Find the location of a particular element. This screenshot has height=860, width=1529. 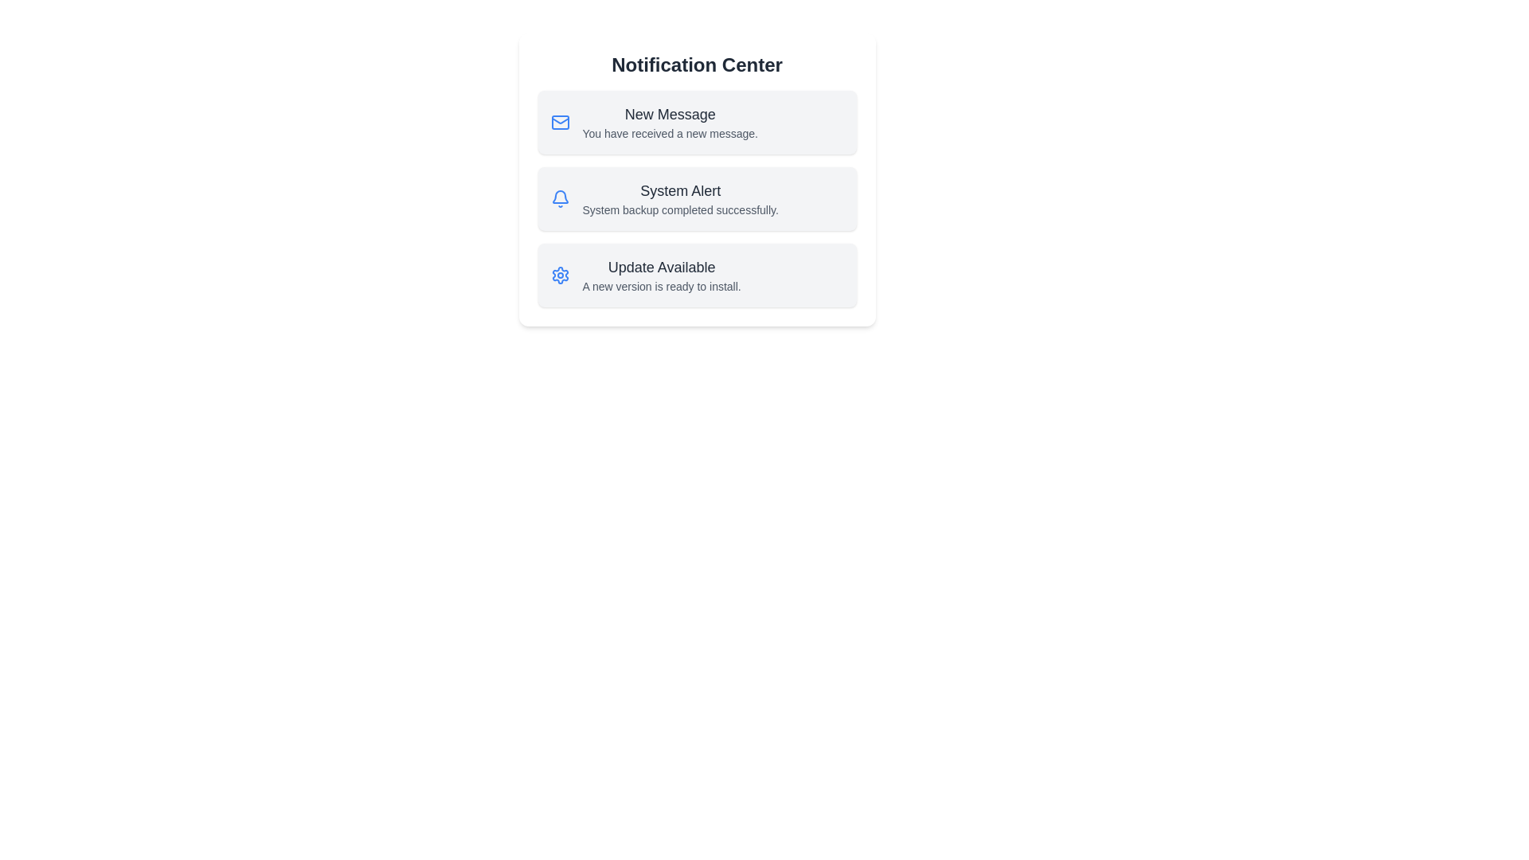

the second notification item in the Notification Center that displays the title 'System Alert' and the subtitle 'System backup completed successfully.' is located at coordinates (680, 198).